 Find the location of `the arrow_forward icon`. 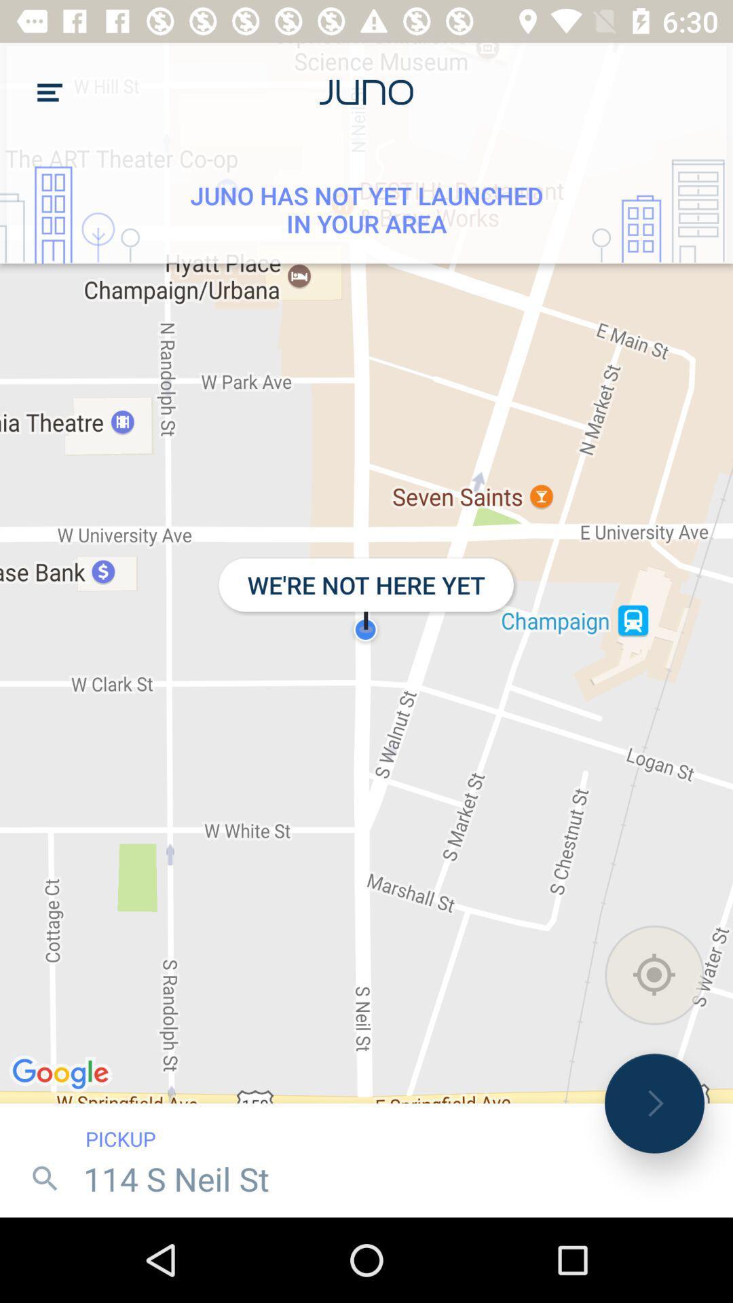

the arrow_forward icon is located at coordinates (654, 1103).